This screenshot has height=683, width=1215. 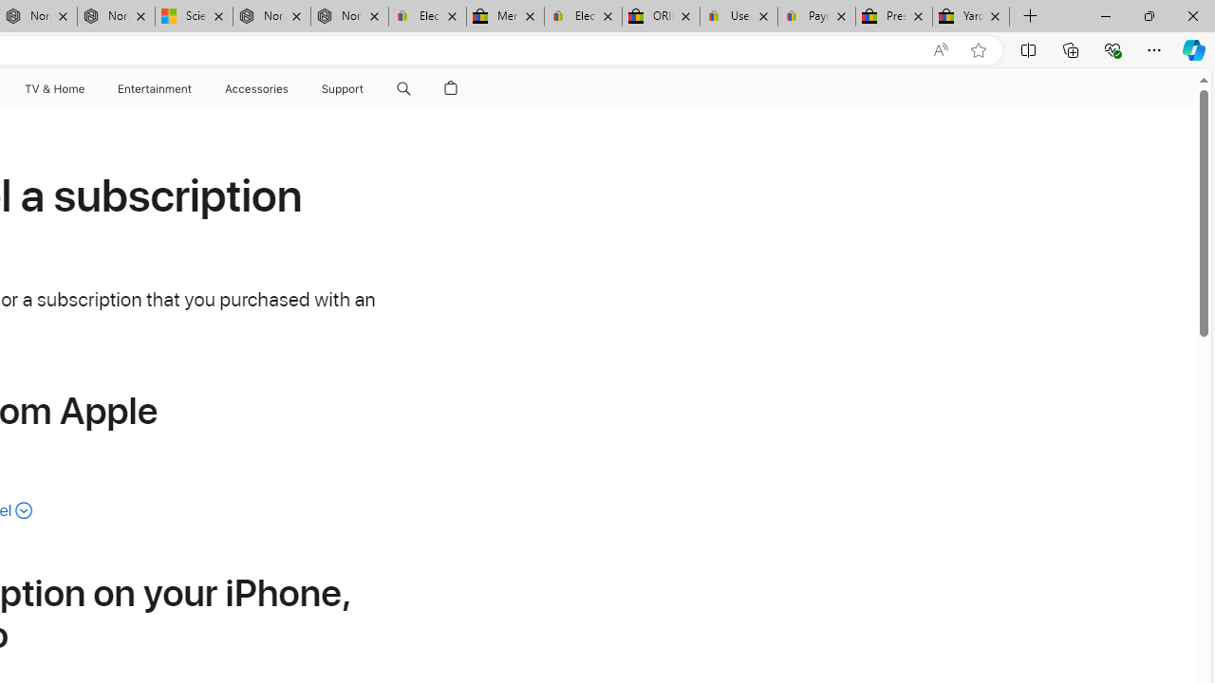 What do you see at coordinates (941, 49) in the screenshot?
I see `'Read aloud this page (Ctrl+Shift+U)'` at bounding box center [941, 49].